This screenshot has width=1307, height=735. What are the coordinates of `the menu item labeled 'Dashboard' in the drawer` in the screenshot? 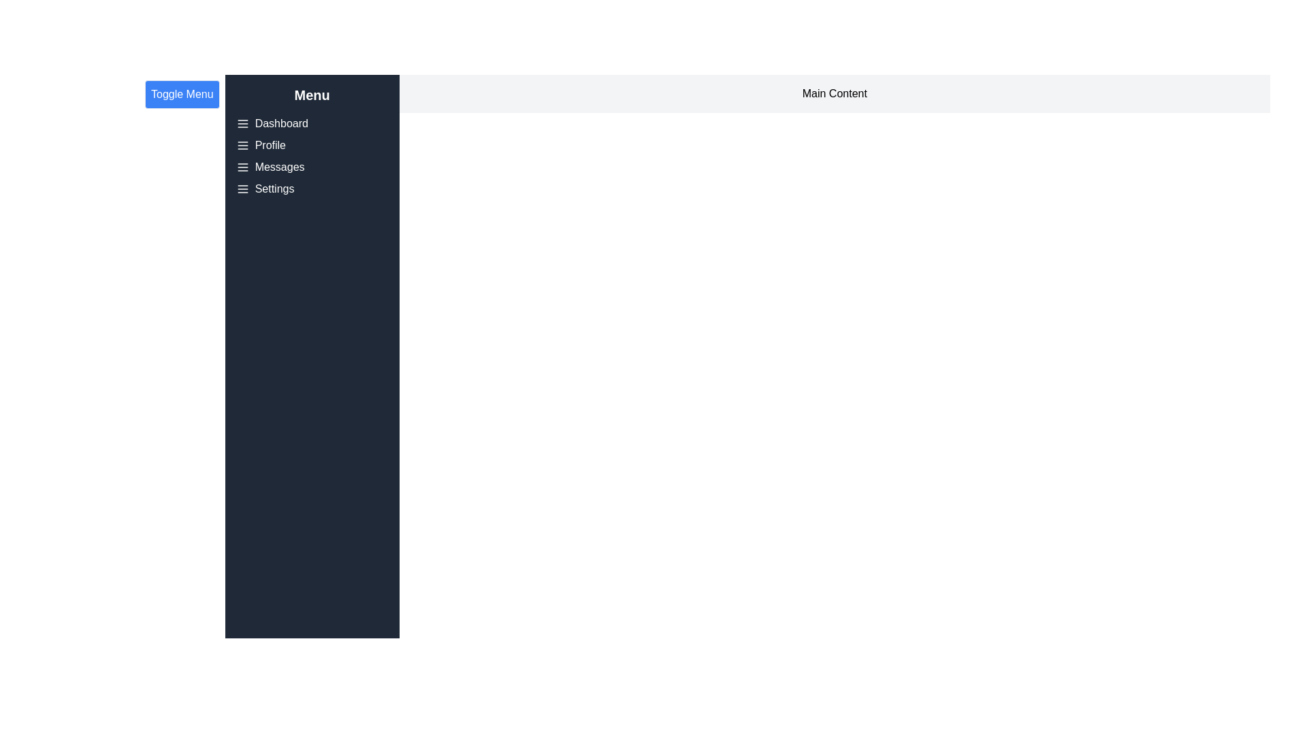 It's located at (280, 123).